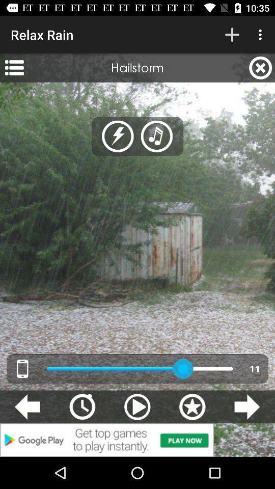  What do you see at coordinates (260, 67) in the screenshot?
I see `the item to the right of hailstorm app` at bounding box center [260, 67].